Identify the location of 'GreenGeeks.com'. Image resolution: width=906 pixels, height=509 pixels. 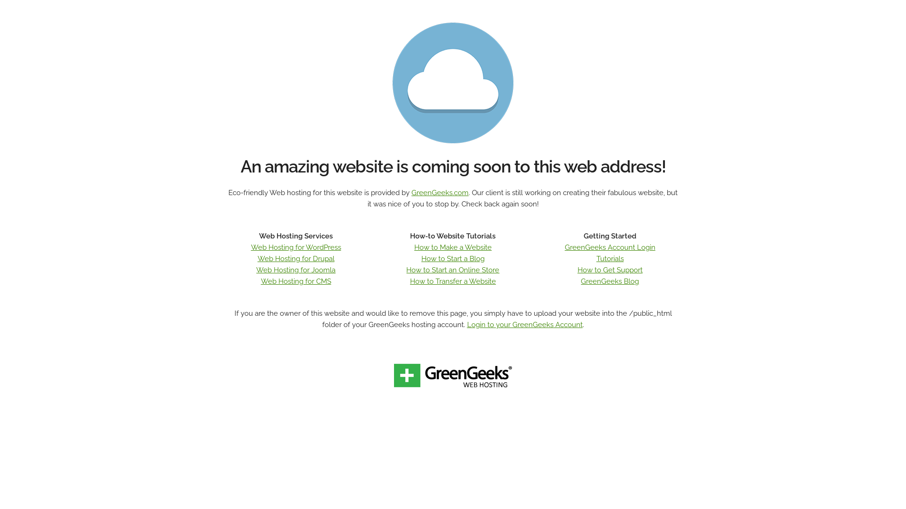
(439, 192).